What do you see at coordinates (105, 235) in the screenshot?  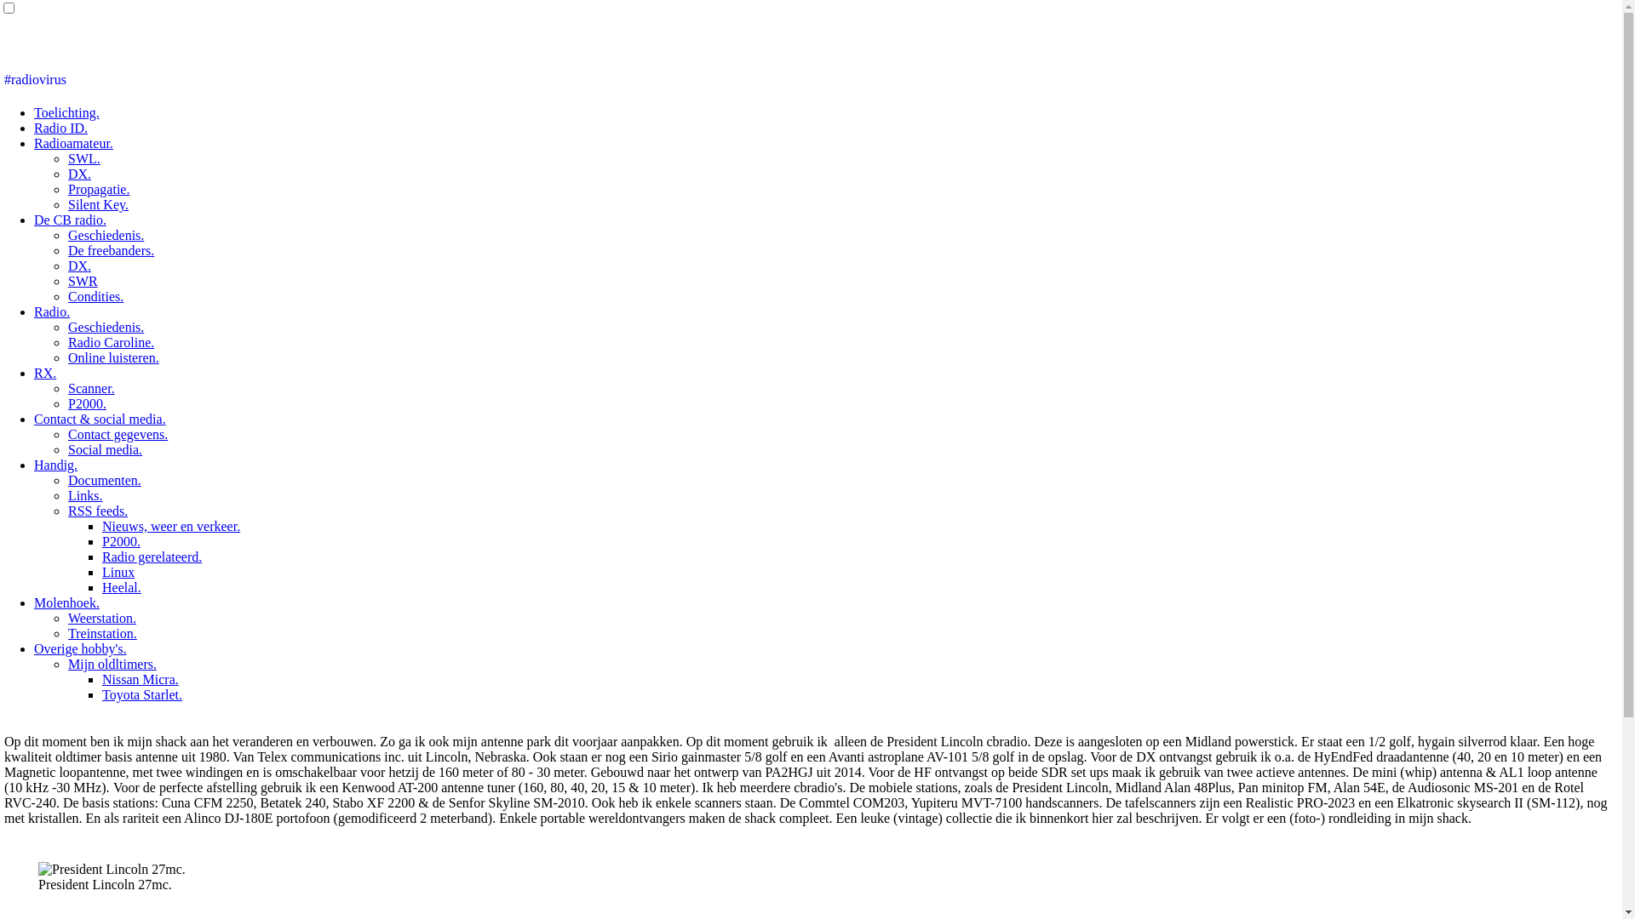 I see `'Geschiedenis.'` at bounding box center [105, 235].